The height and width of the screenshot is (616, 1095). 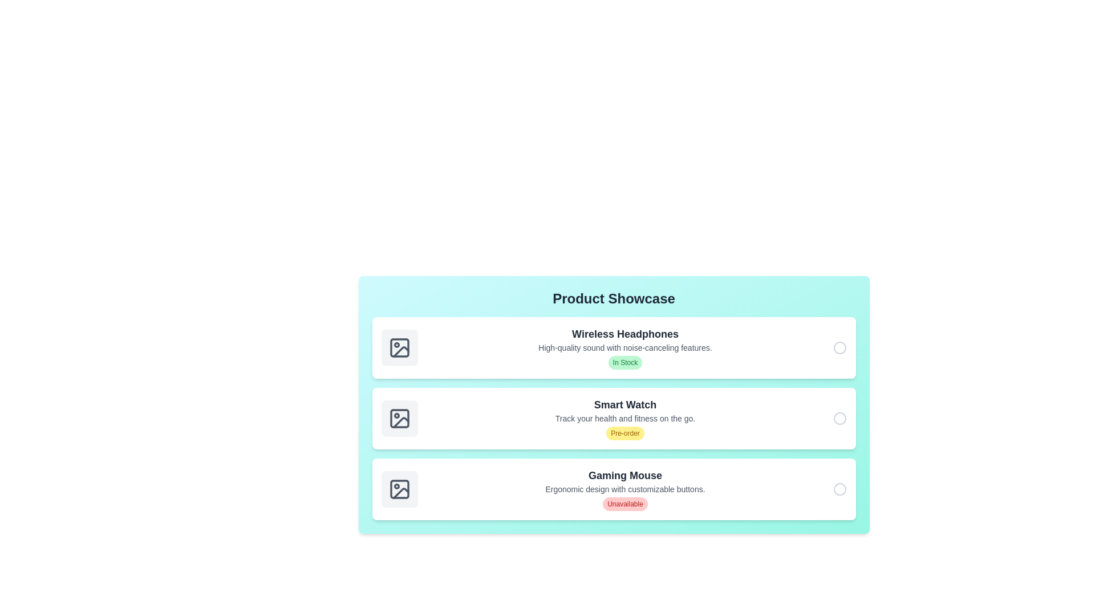 I want to click on the image placeholder for the product 'Wireless Headphones', so click(x=399, y=347).